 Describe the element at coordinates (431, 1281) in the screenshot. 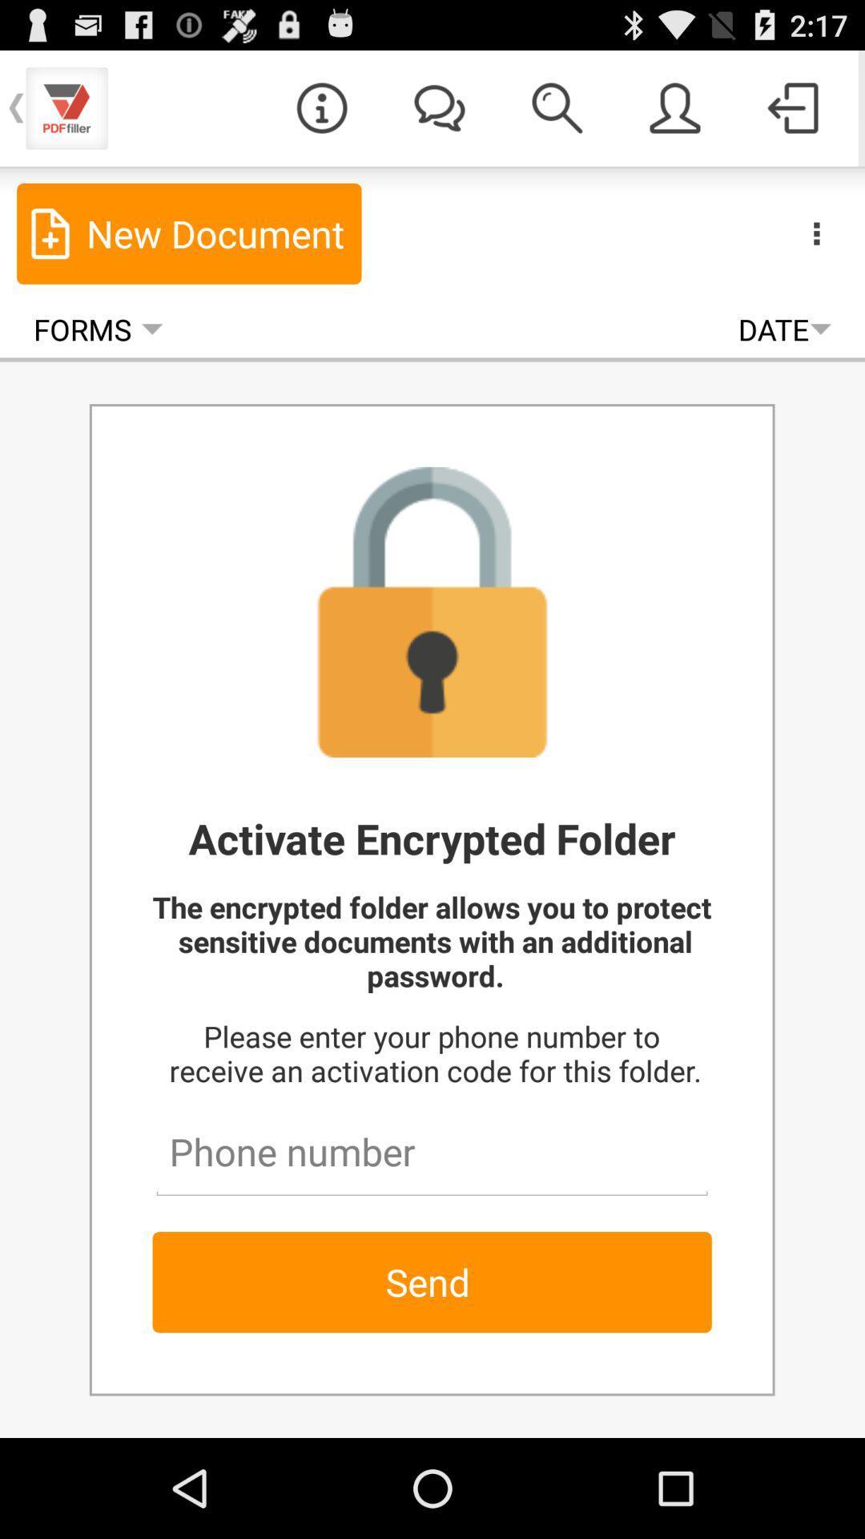

I see `send item` at that location.